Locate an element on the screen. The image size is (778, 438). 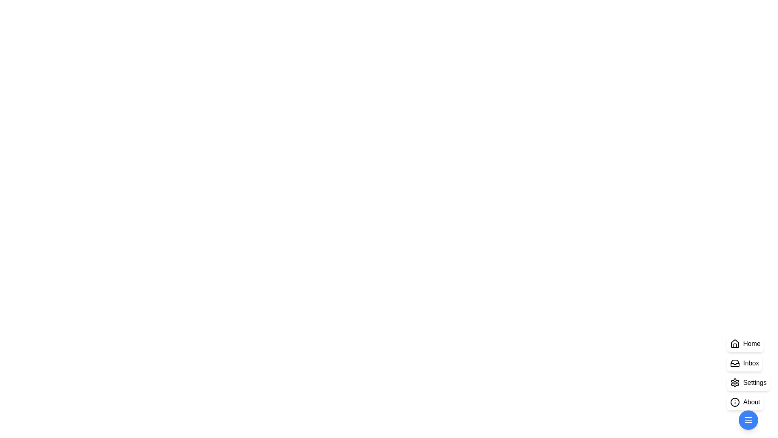
the 'Home' button in the StylishSpeedDial component is located at coordinates (745, 344).